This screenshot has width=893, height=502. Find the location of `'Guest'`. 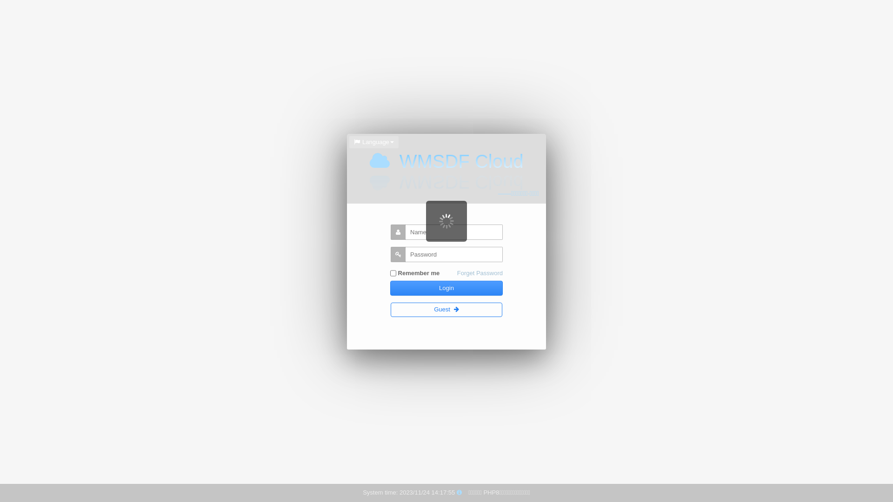

'Guest' is located at coordinates (446, 310).